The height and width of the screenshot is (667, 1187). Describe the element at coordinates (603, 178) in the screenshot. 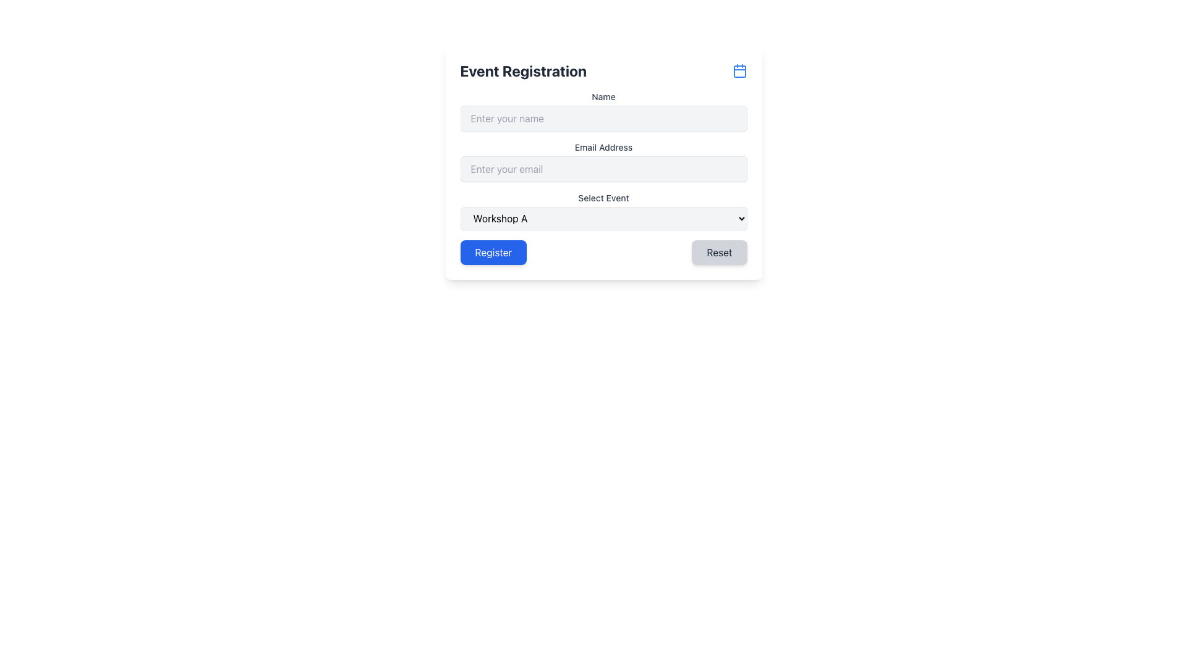

I see `the input fields or dropdown menu in the Event Registration form to provide or select data` at that location.